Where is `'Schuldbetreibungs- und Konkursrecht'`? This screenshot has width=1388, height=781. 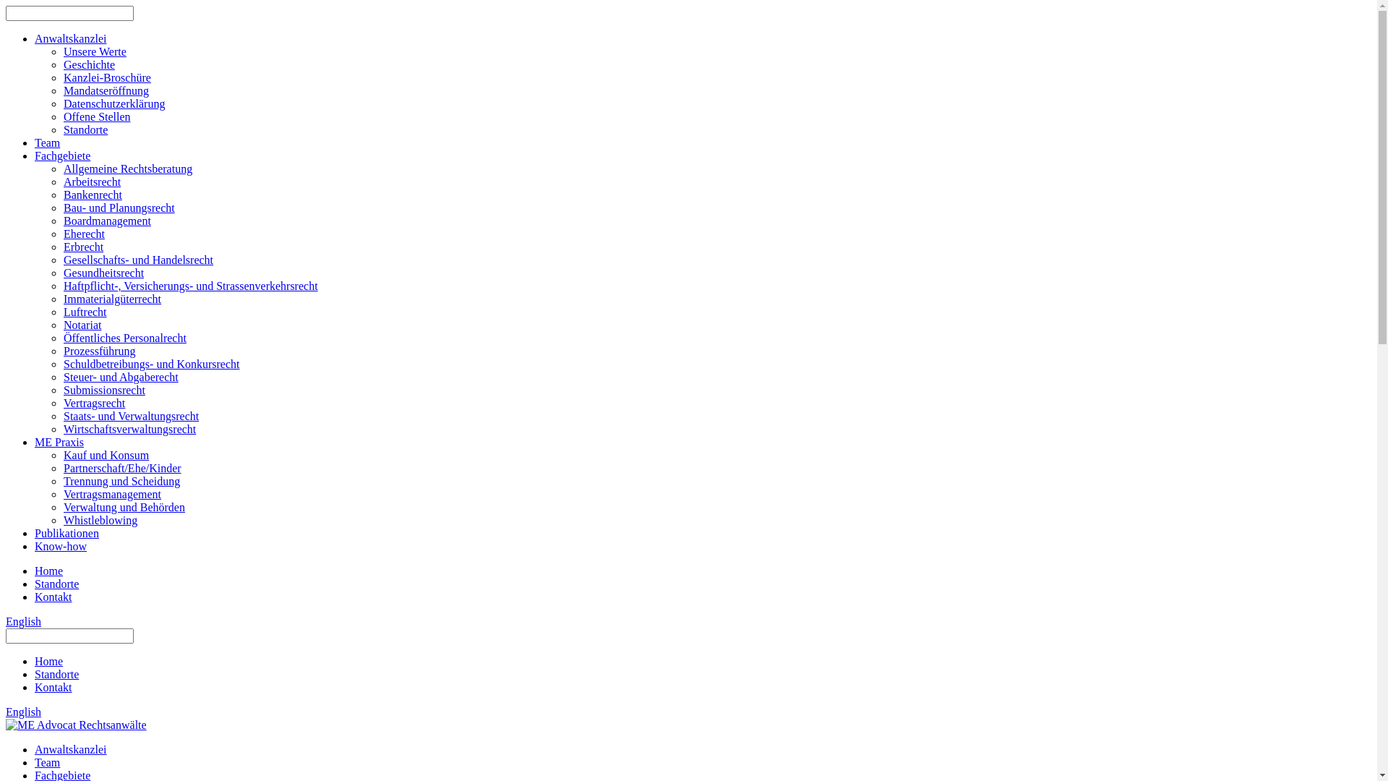
'Schuldbetreibungs- und Konkursrecht' is located at coordinates (152, 363).